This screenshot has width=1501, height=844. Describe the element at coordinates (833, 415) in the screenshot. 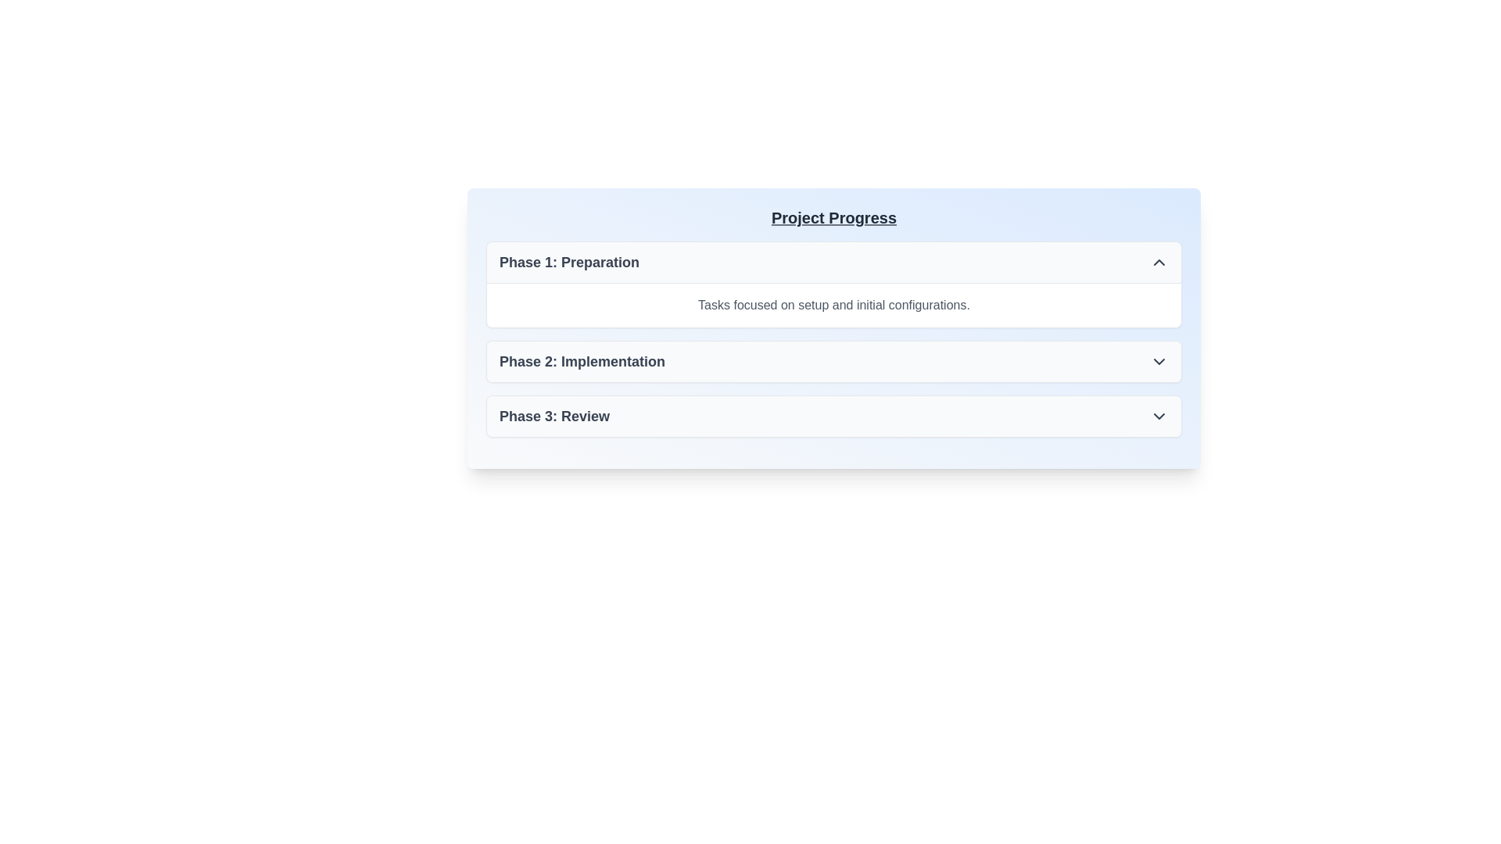

I see `the Interactive list item representing 'Phase 3: Review' for accessibility navigation` at that location.